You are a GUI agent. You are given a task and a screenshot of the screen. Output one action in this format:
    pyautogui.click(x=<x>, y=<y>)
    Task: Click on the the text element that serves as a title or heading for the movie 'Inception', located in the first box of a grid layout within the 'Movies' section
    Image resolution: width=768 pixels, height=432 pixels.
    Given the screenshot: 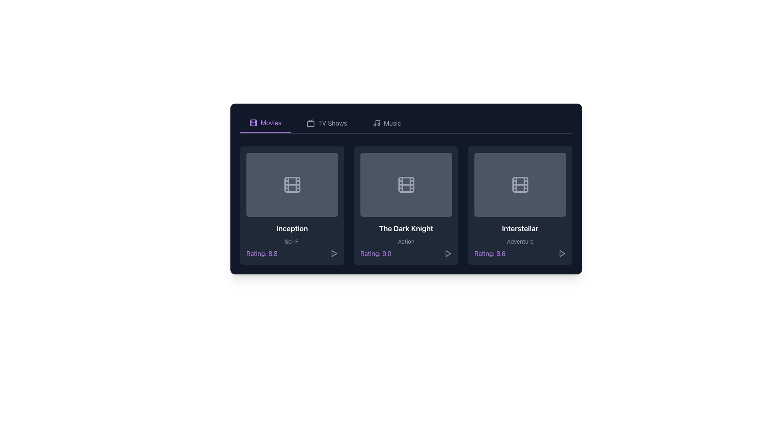 What is the action you would take?
    pyautogui.click(x=292, y=228)
    